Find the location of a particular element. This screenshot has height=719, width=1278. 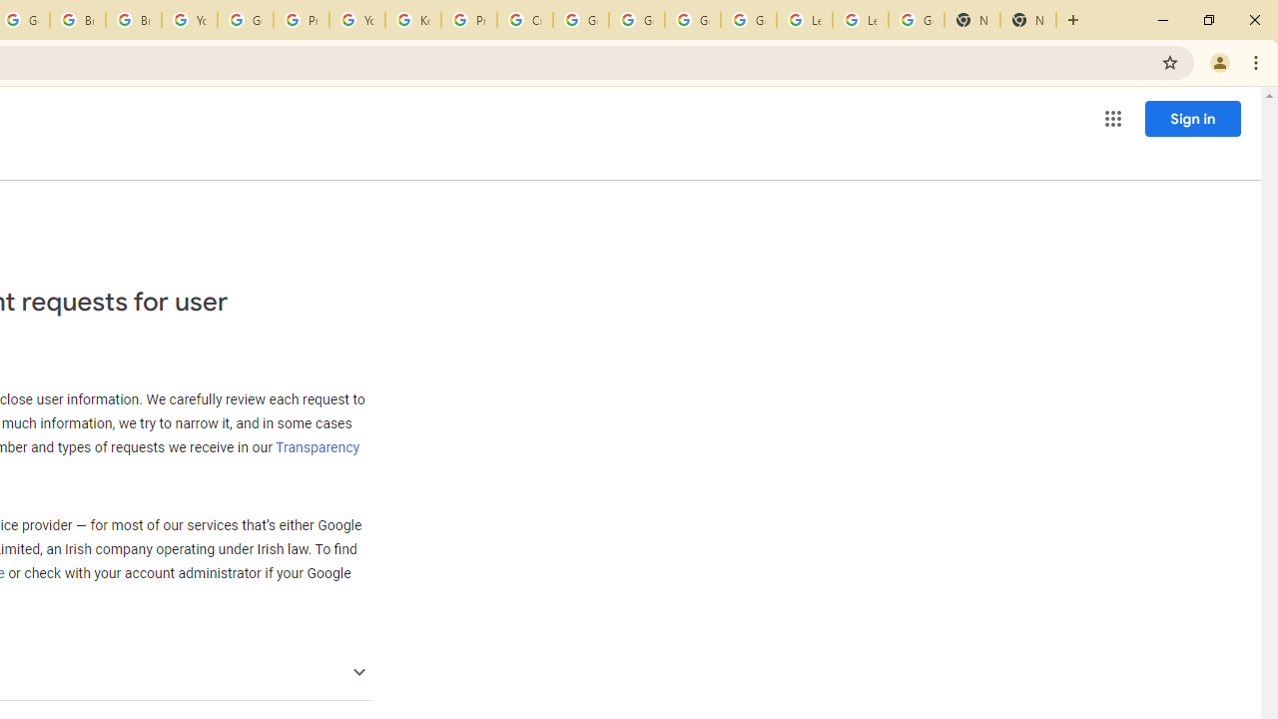

'Google Account' is located at coordinates (915, 20).